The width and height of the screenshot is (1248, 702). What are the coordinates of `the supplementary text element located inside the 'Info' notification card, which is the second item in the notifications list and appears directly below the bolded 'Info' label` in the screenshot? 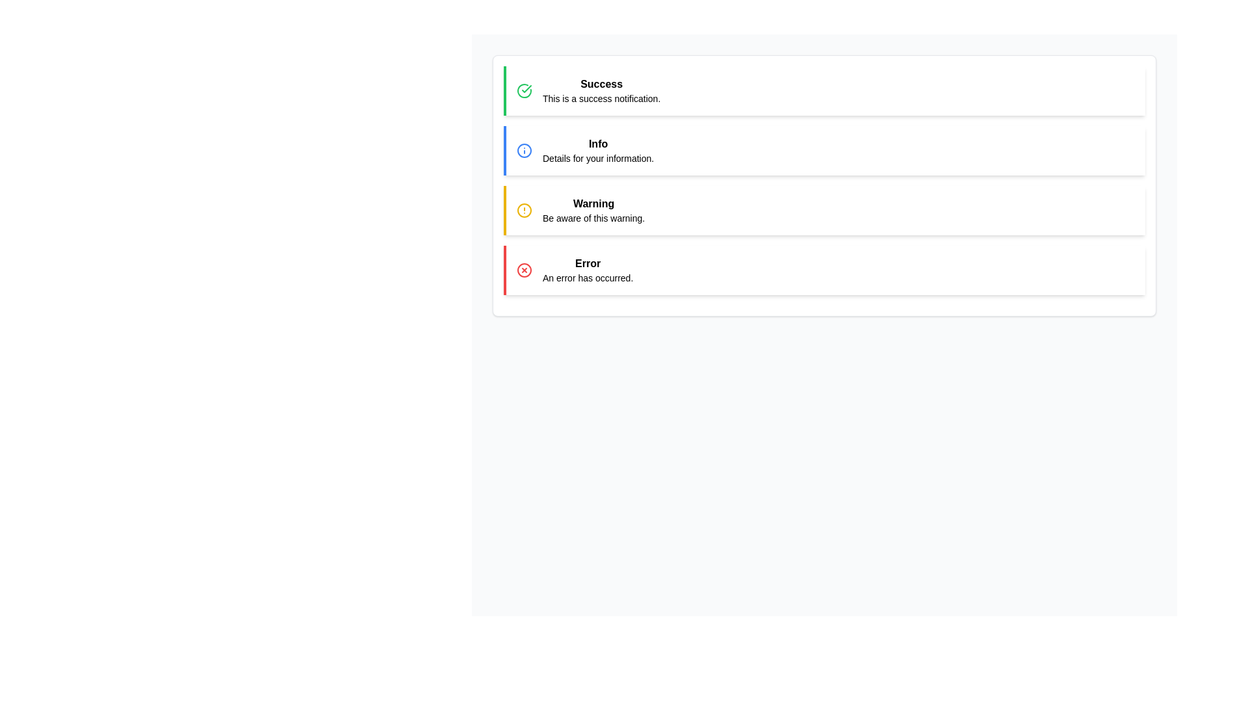 It's located at (597, 157).